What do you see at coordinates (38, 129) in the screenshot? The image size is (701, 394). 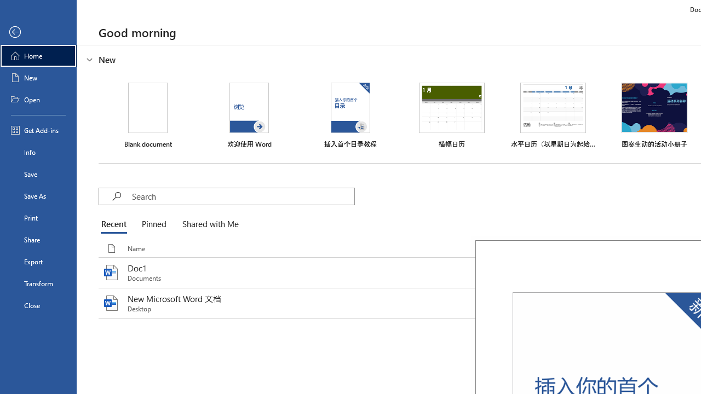 I see `'Get Add-ins'` at bounding box center [38, 129].